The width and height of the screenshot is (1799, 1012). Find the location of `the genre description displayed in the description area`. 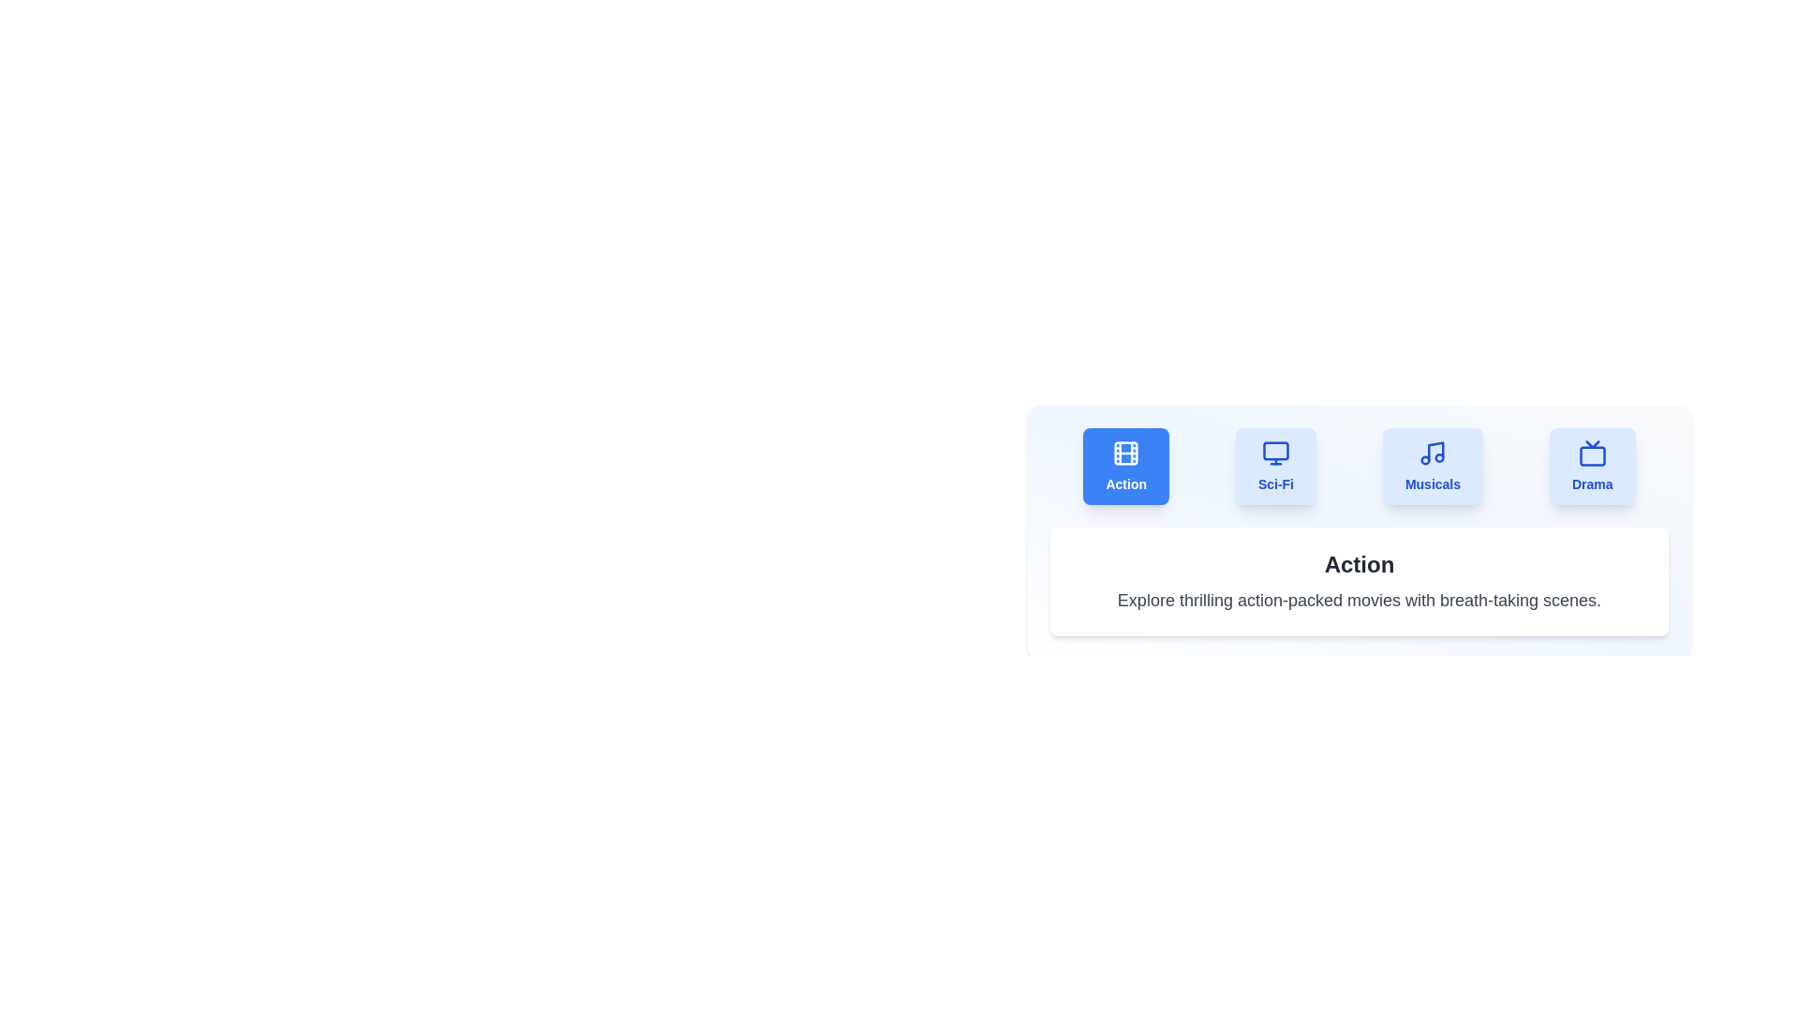

the genre description displayed in the description area is located at coordinates (1359, 600).